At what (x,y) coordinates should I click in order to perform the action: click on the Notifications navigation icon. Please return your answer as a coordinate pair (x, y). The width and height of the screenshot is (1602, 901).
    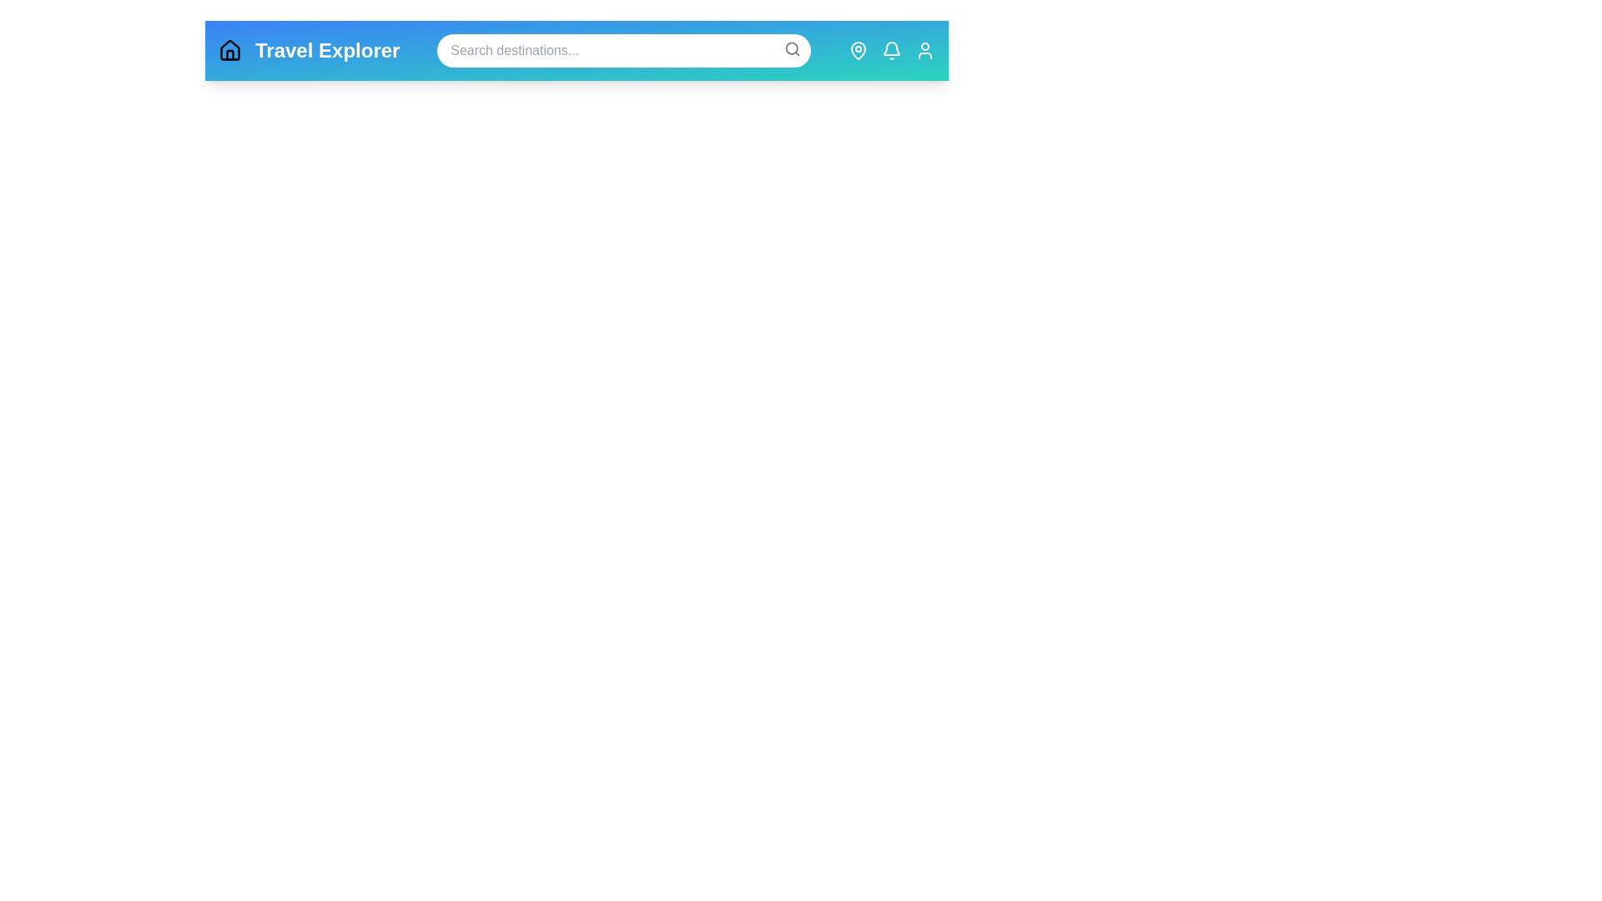
    Looking at the image, I should click on (891, 50).